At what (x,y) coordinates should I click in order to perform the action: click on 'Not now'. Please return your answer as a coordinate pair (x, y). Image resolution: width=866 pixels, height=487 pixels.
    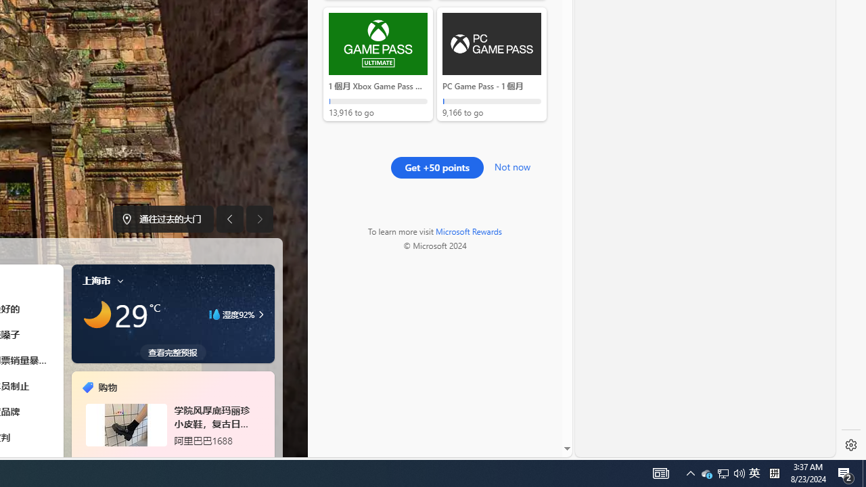
    Looking at the image, I should click on (511, 164).